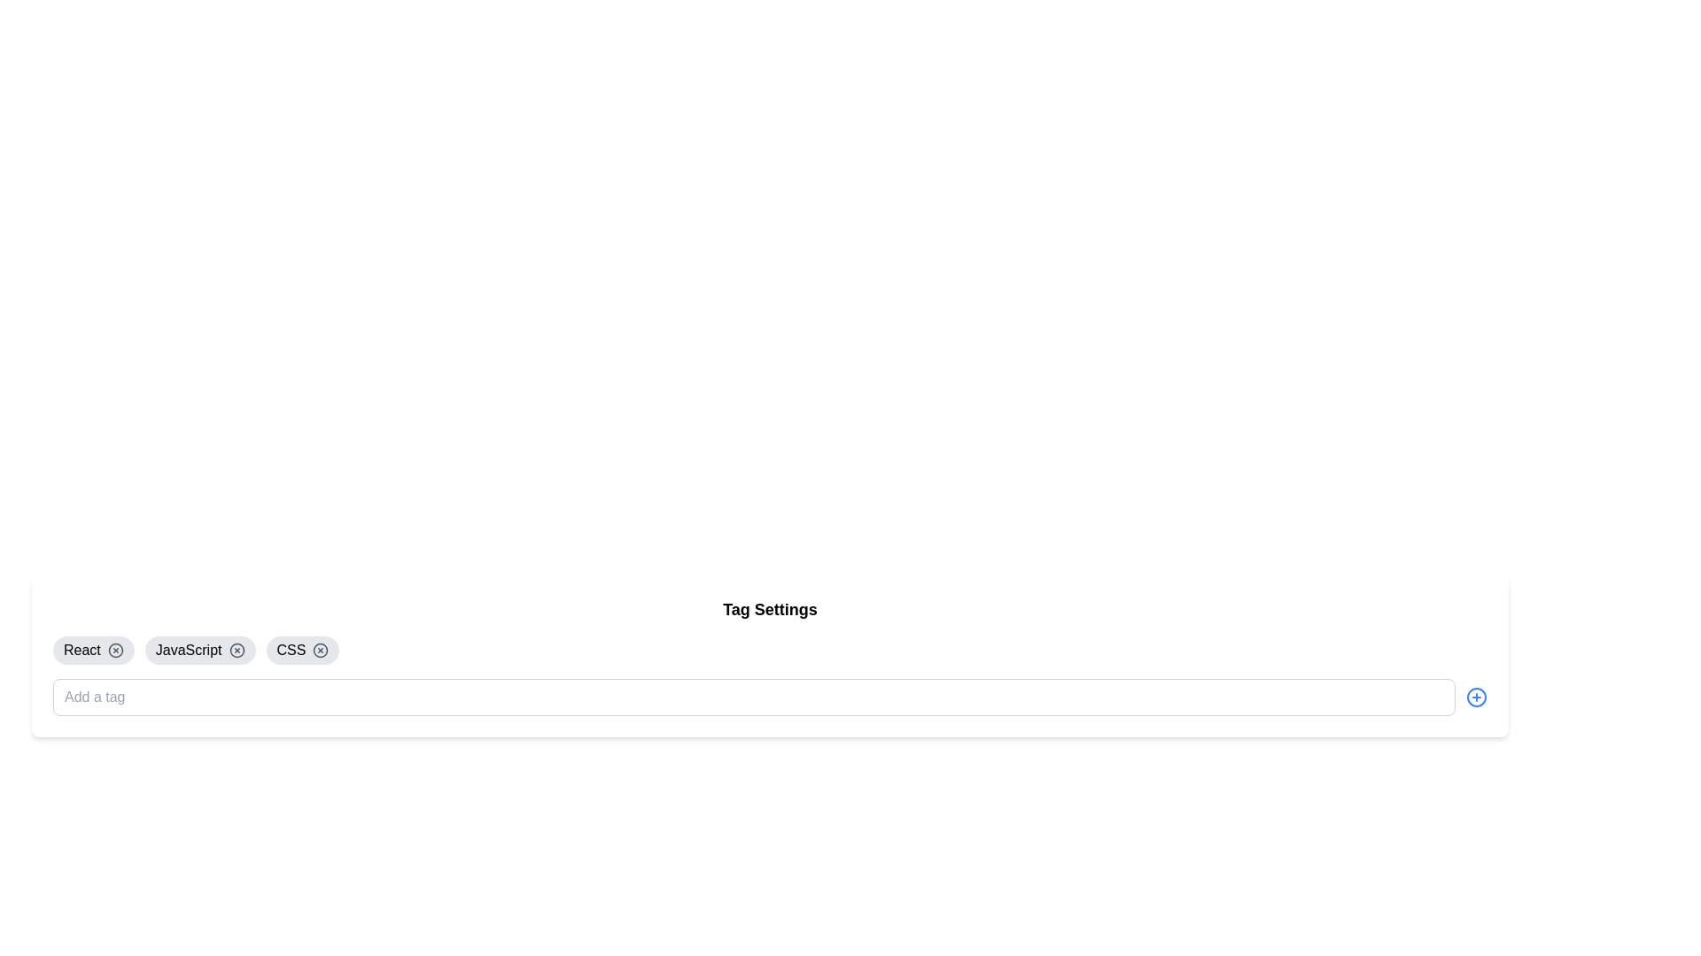 The height and width of the screenshot is (956, 1701). What do you see at coordinates (200, 651) in the screenshot?
I see `the rounded tag labeled 'JavaScript' with a remove button` at bounding box center [200, 651].